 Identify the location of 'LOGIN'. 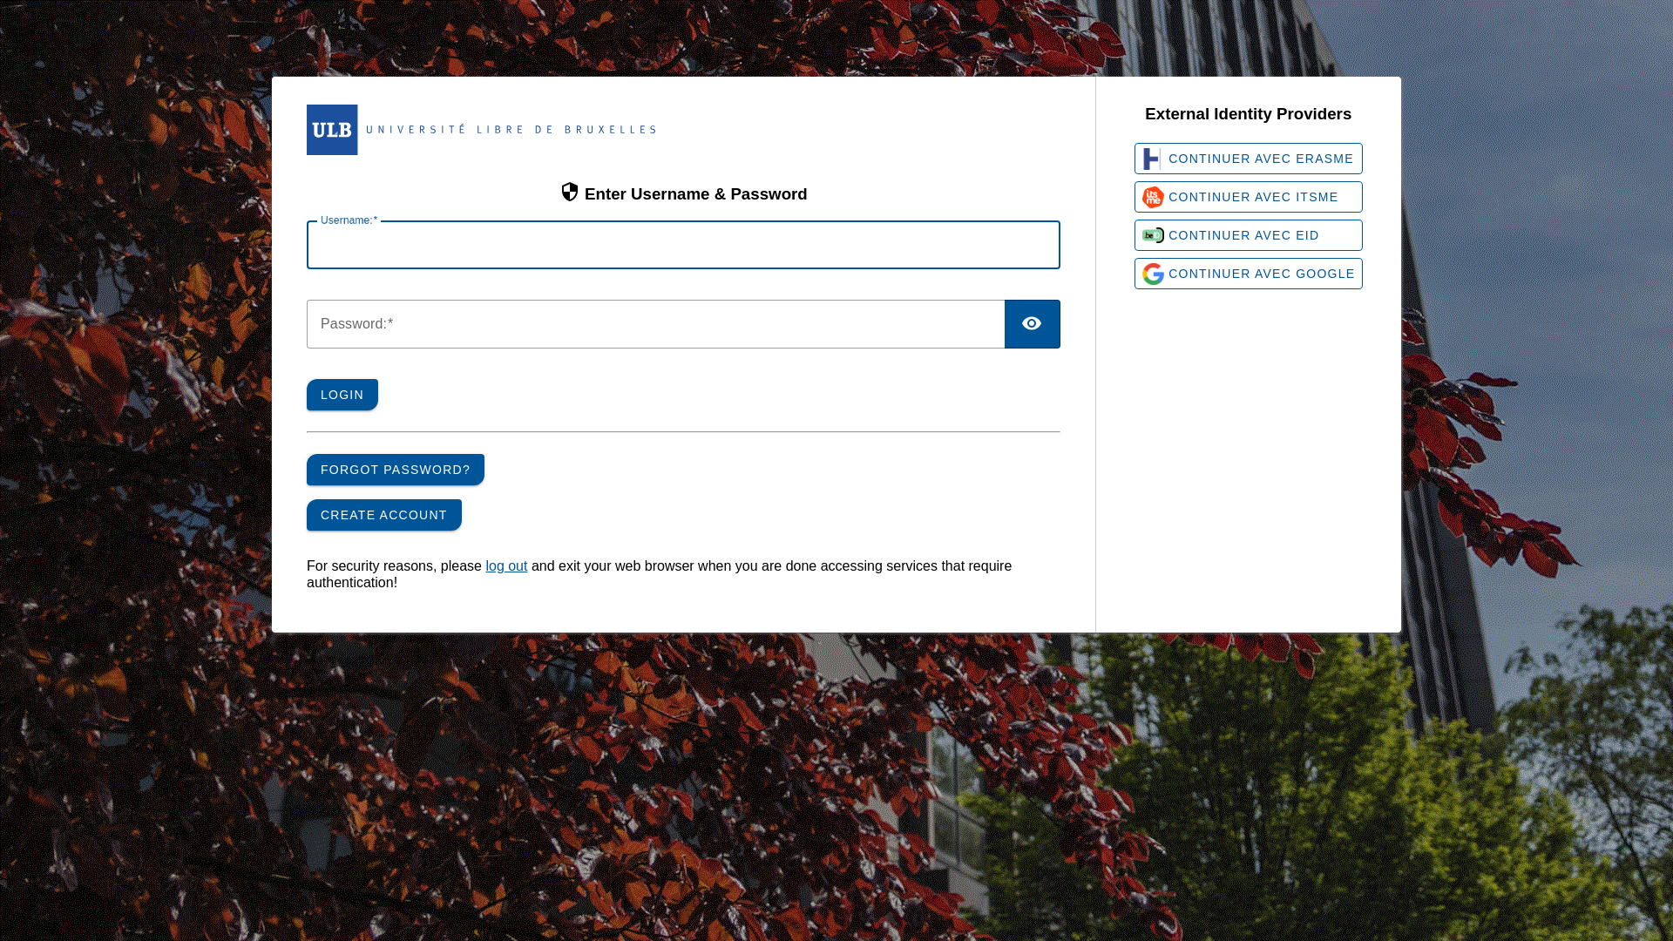
(306, 394).